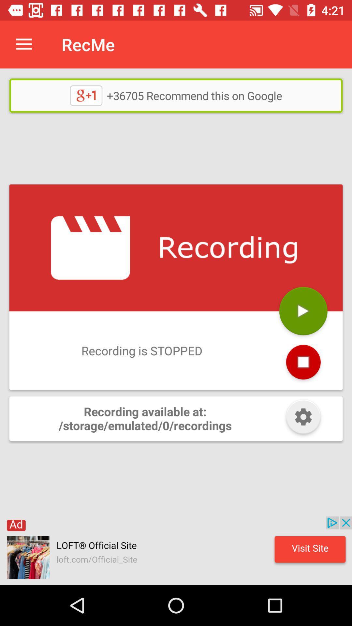 Image resolution: width=352 pixels, height=626 pixels. What do you see at coordinates (303, 418) in the screenshot?
I see `settings` at bounding box center [303, 418].